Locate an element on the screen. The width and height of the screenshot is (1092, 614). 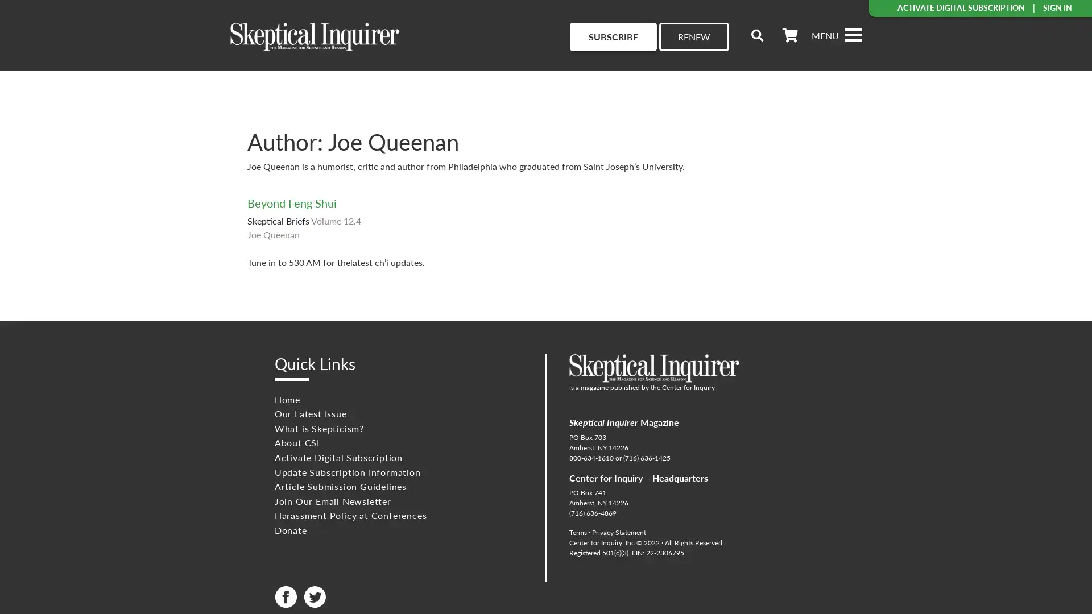
RENEW is located at coordinates (693, 36).